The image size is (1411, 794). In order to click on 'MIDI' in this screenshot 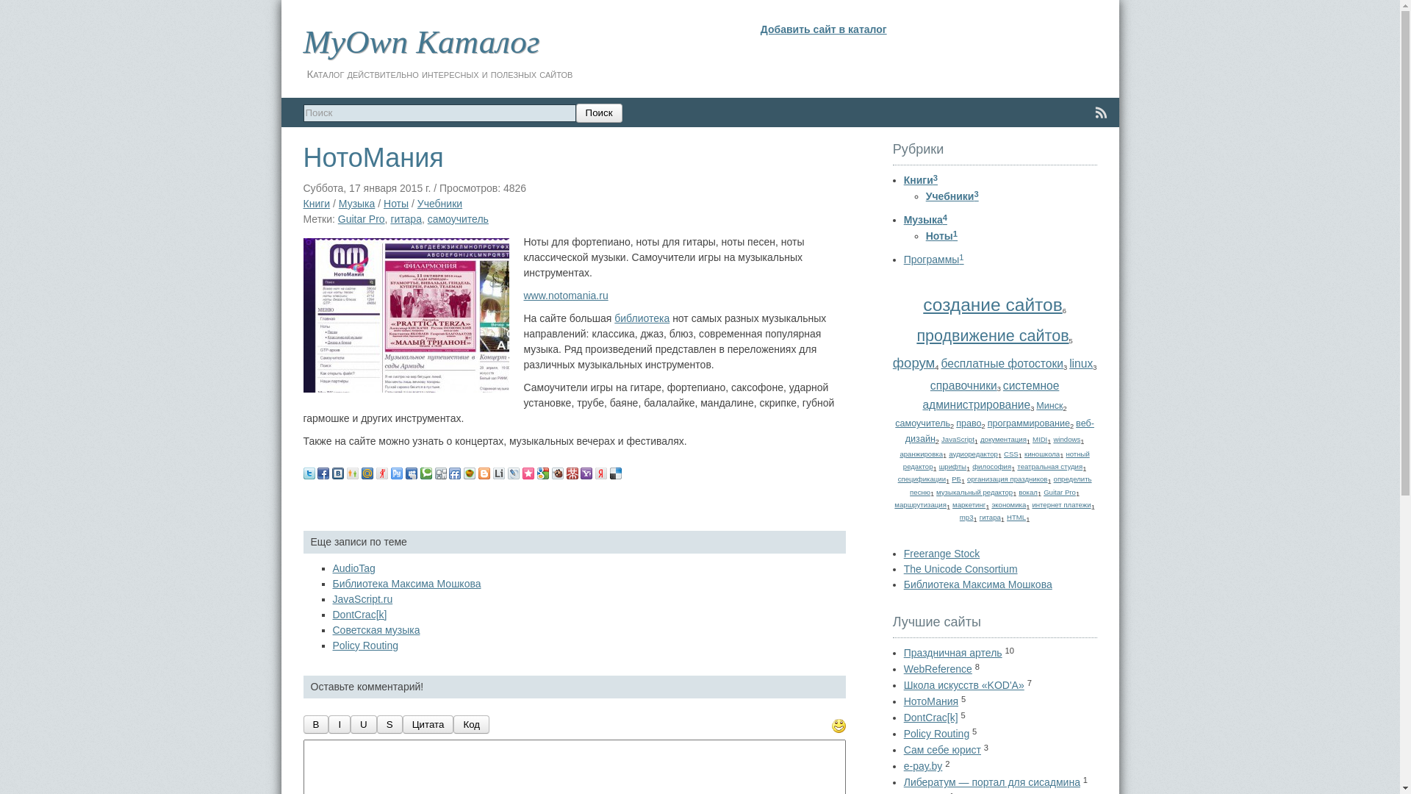, I will do `click(1032, 438)`.